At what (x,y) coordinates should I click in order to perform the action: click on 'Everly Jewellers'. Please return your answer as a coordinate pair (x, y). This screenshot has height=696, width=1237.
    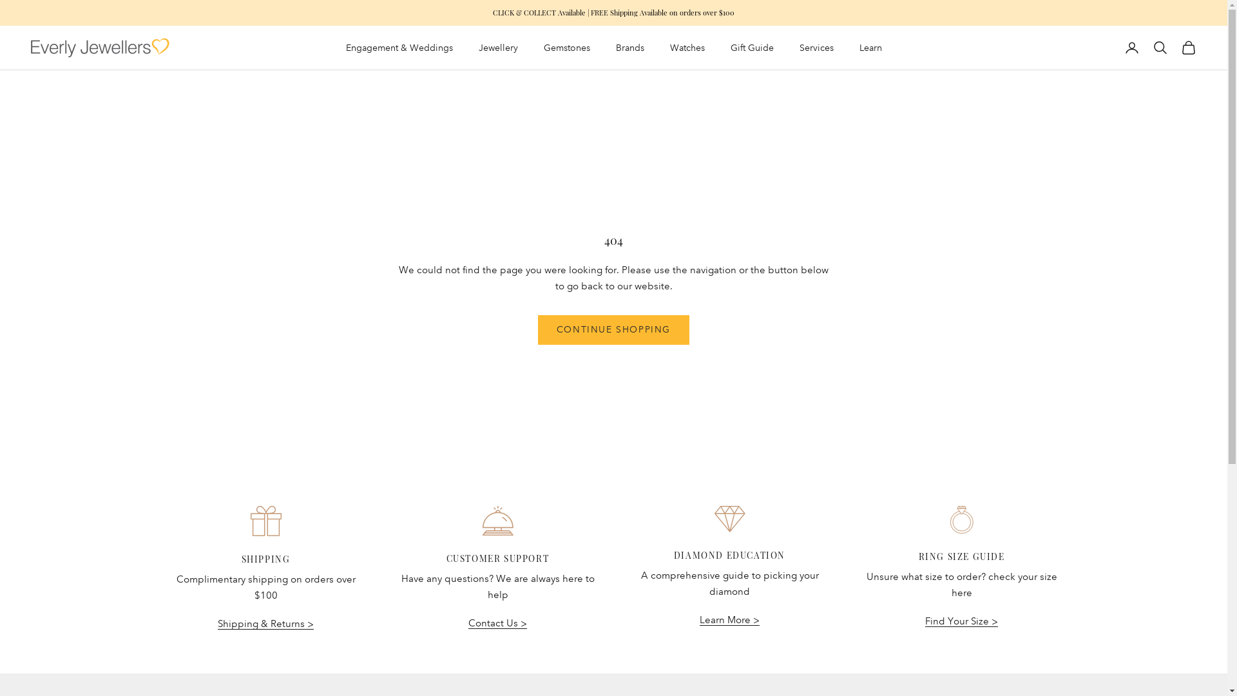
    Looking at the image, I should click on (31, 46).